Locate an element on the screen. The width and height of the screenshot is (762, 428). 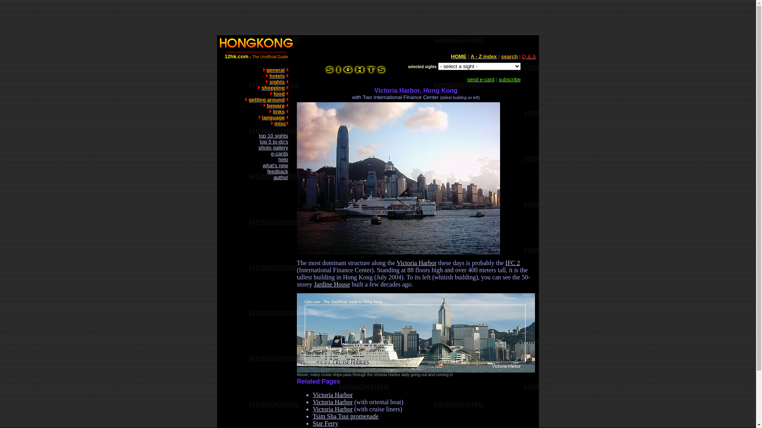
'hotels' is located at coordinates (277, 76).